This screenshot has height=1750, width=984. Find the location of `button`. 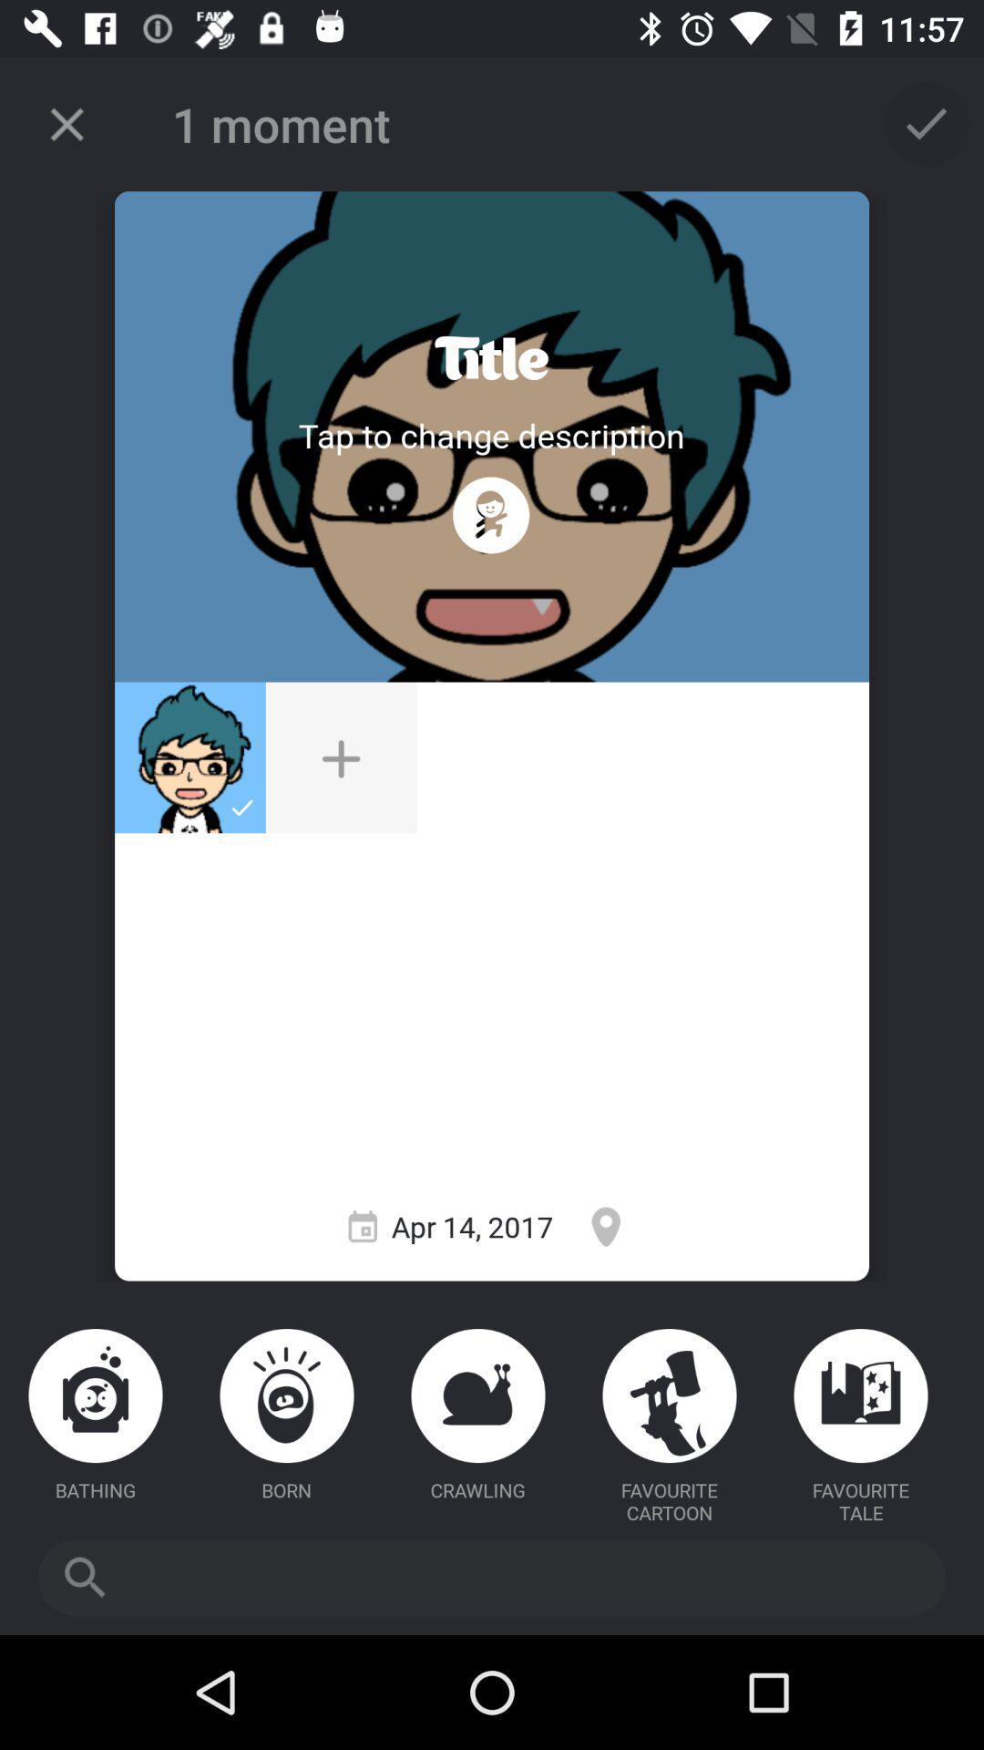

button is located at coordinates (341, 757).